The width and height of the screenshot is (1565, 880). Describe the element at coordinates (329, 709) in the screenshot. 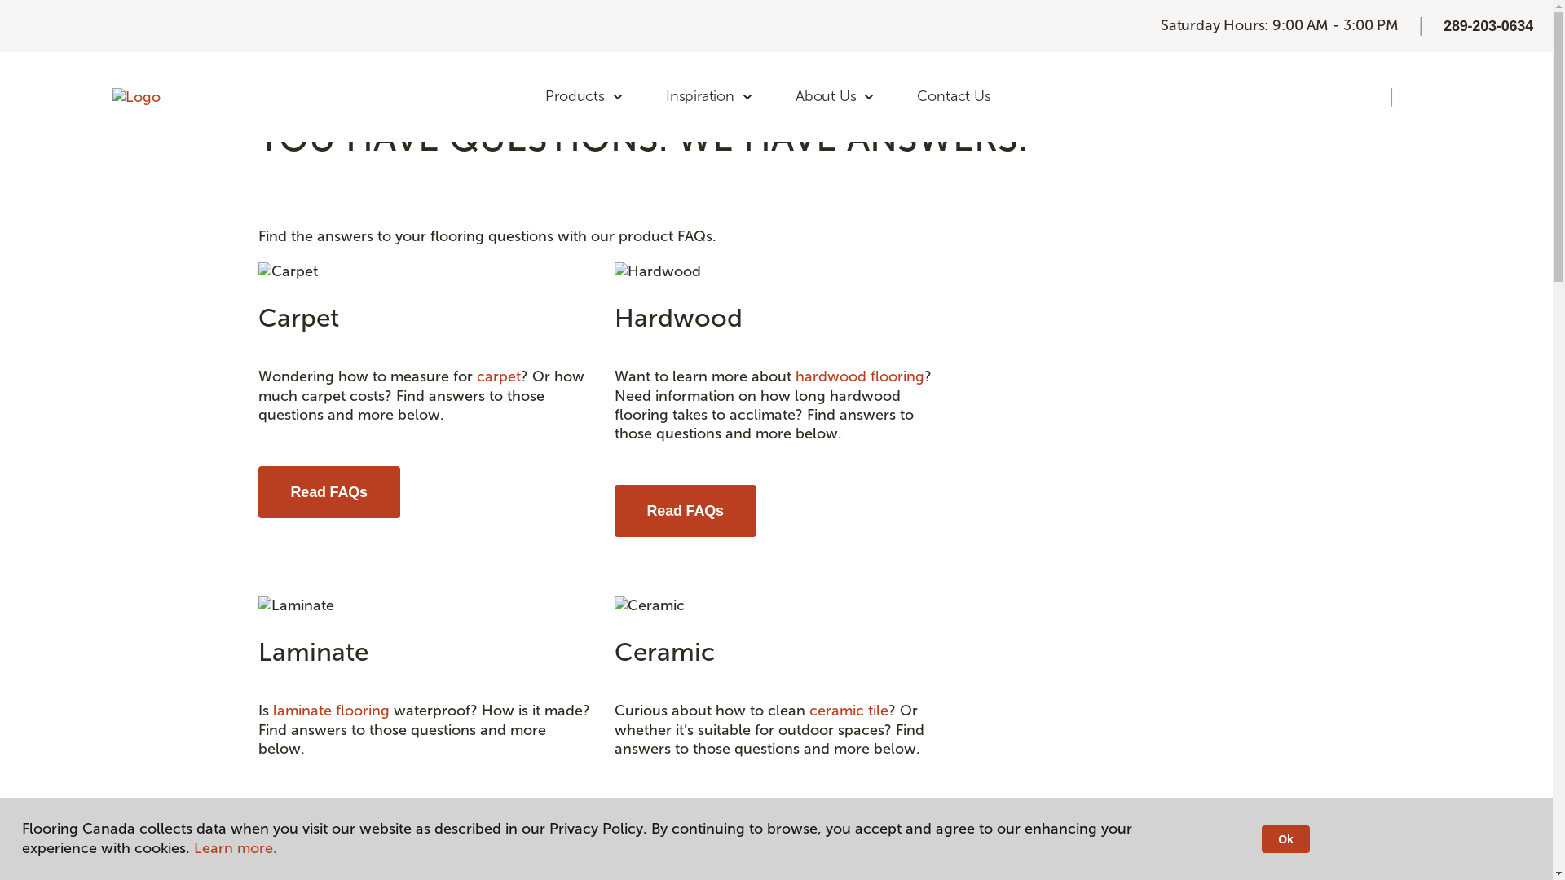

I see `'laminate flooring'` at that location.